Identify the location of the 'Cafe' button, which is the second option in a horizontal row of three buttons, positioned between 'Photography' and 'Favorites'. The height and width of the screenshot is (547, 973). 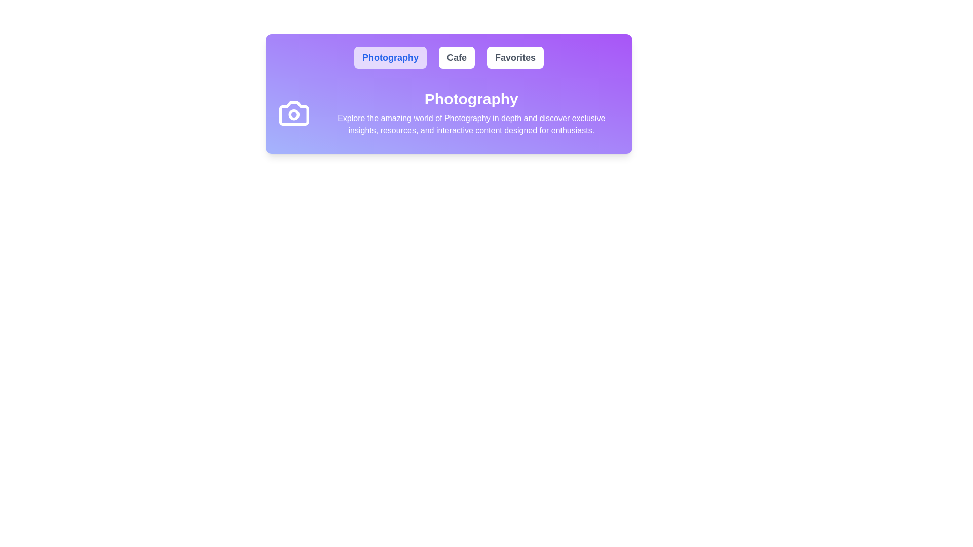
(456, 58).